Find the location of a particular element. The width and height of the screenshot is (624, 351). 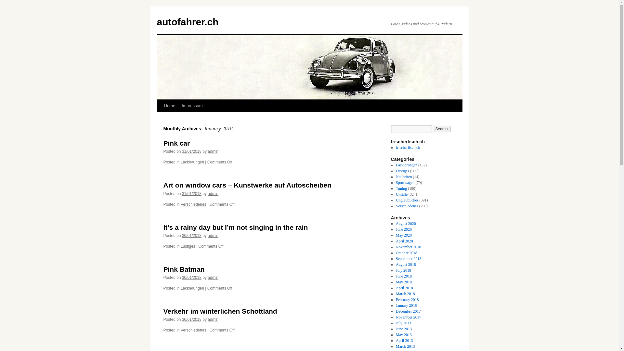

'Pink car' is located at coordinates (176, 143).